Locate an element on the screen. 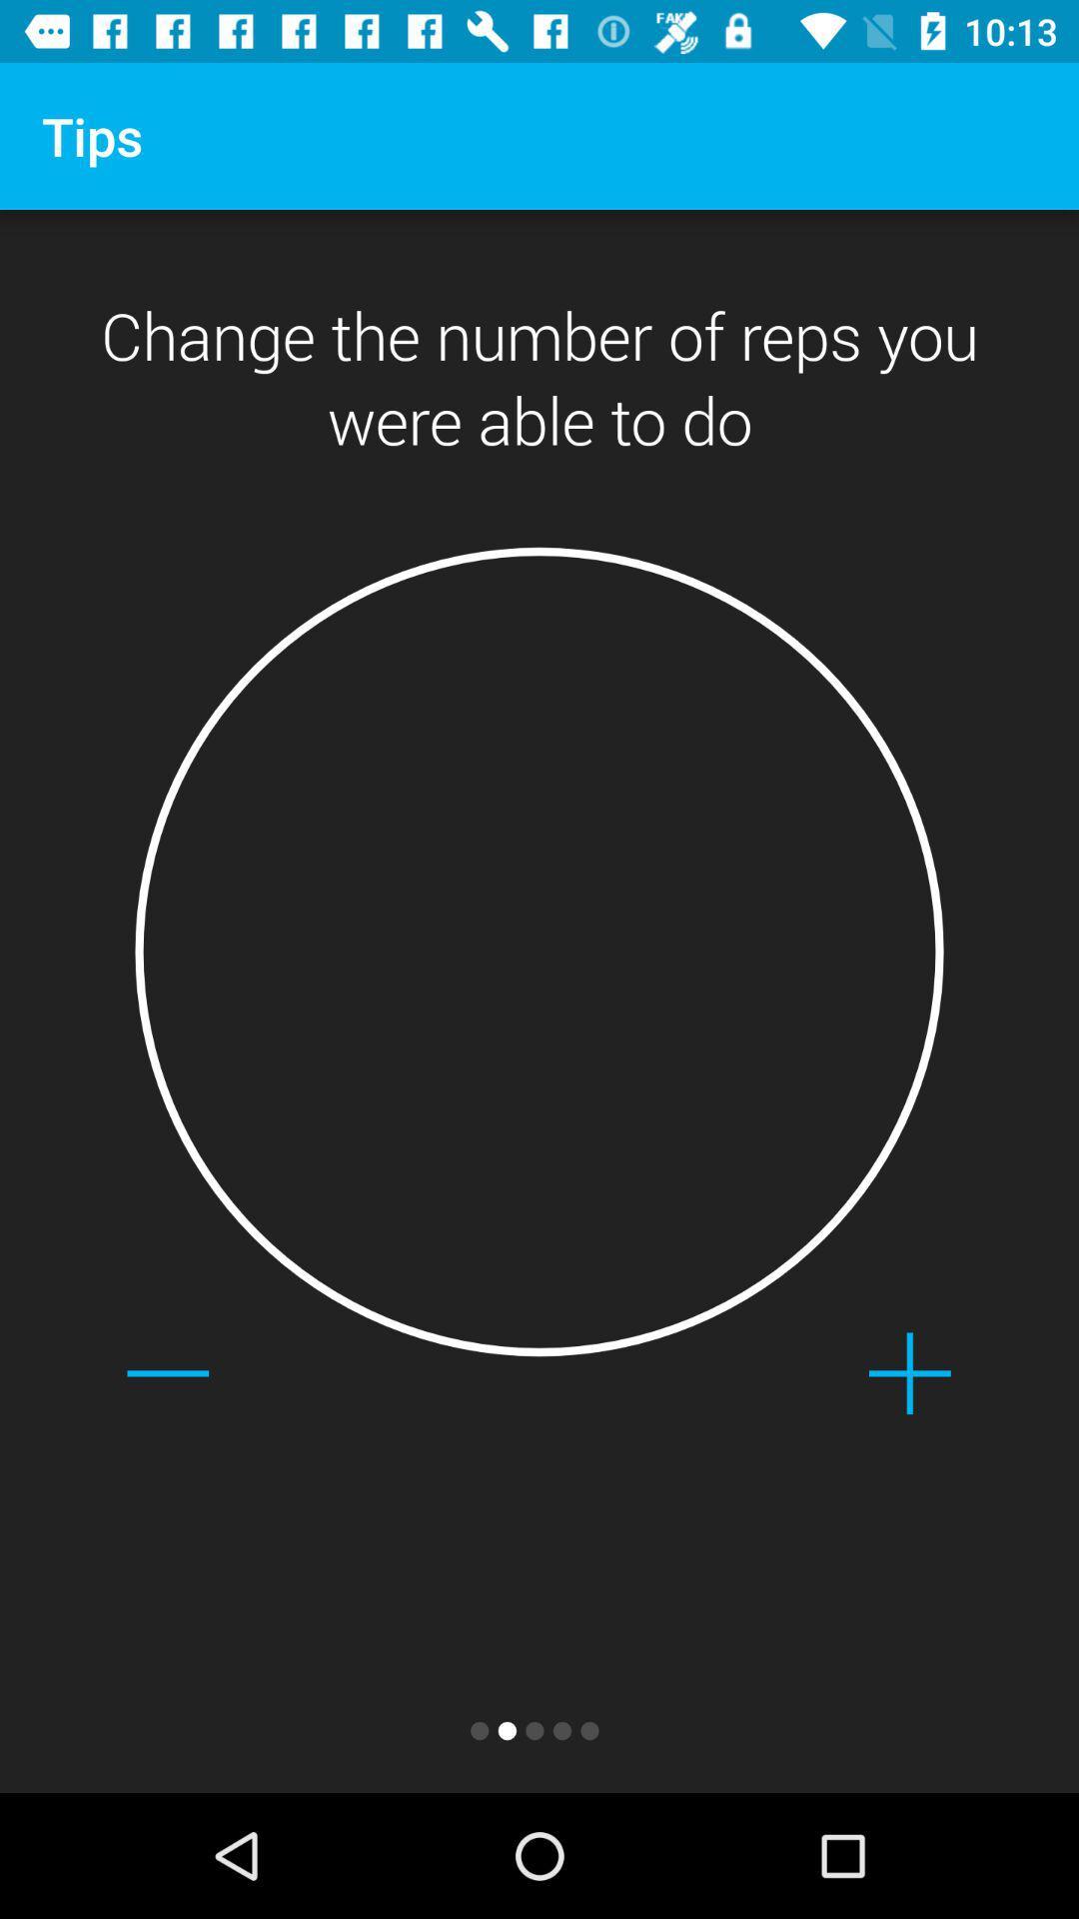 This screenshot has width=1079, height=1919. icon below change the number is located at coordinates (167, 1372).